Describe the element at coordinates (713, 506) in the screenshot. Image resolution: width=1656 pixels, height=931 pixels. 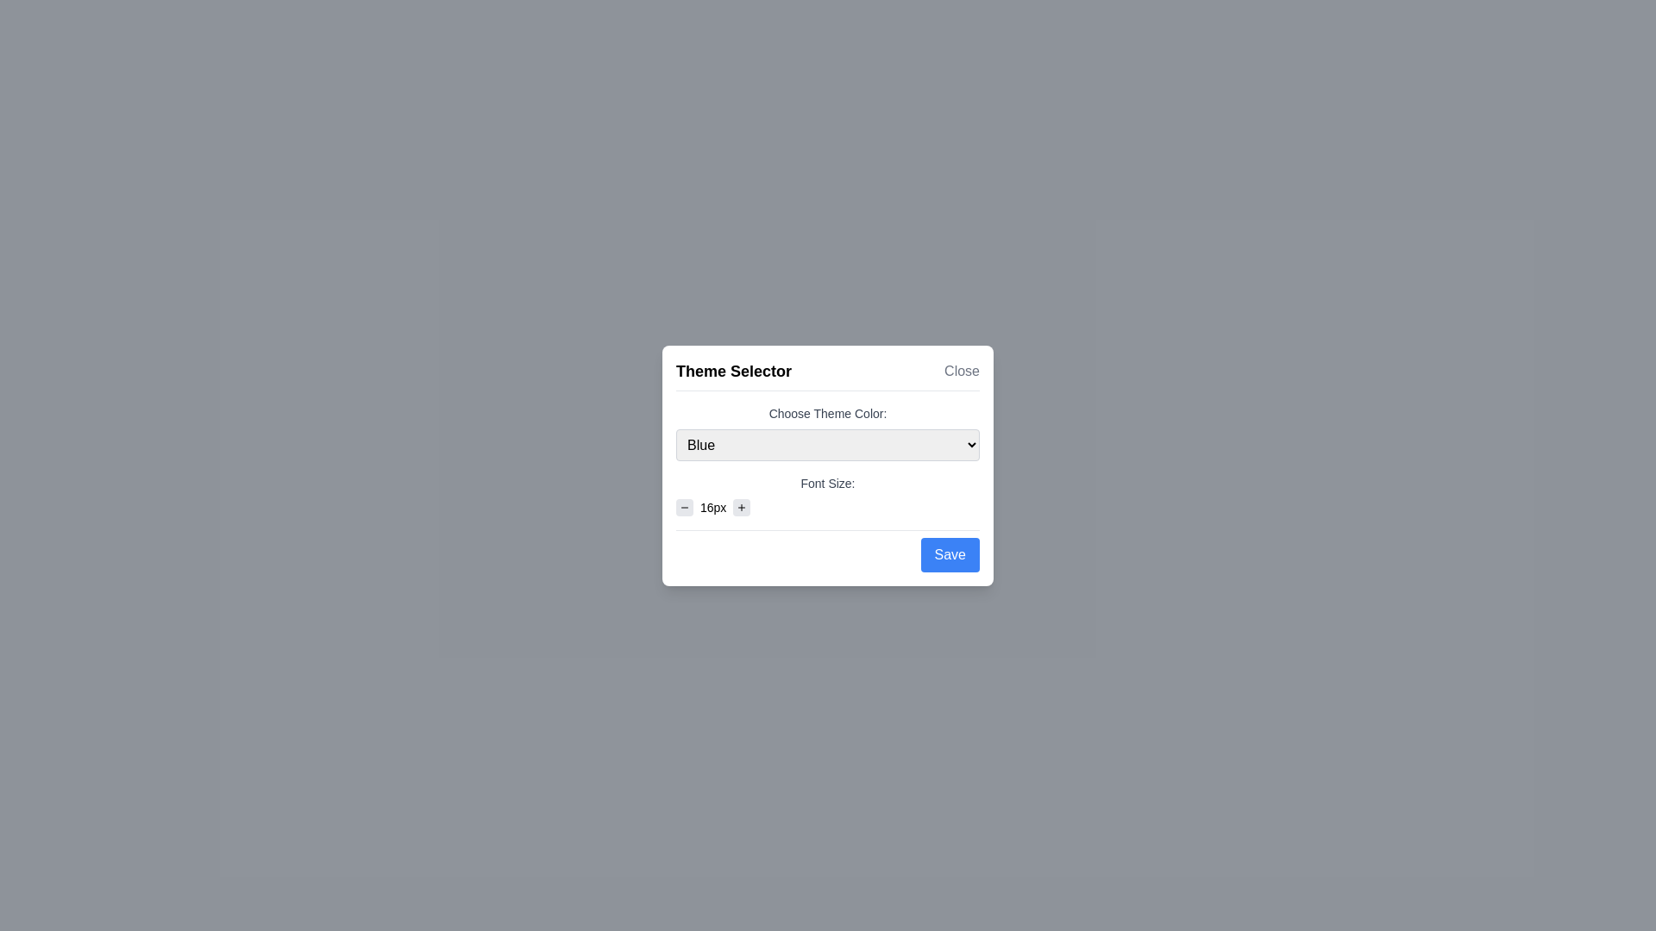
I see `the Text Label that displays the current font size value, positioned between the minus button and the plus button` at that location.